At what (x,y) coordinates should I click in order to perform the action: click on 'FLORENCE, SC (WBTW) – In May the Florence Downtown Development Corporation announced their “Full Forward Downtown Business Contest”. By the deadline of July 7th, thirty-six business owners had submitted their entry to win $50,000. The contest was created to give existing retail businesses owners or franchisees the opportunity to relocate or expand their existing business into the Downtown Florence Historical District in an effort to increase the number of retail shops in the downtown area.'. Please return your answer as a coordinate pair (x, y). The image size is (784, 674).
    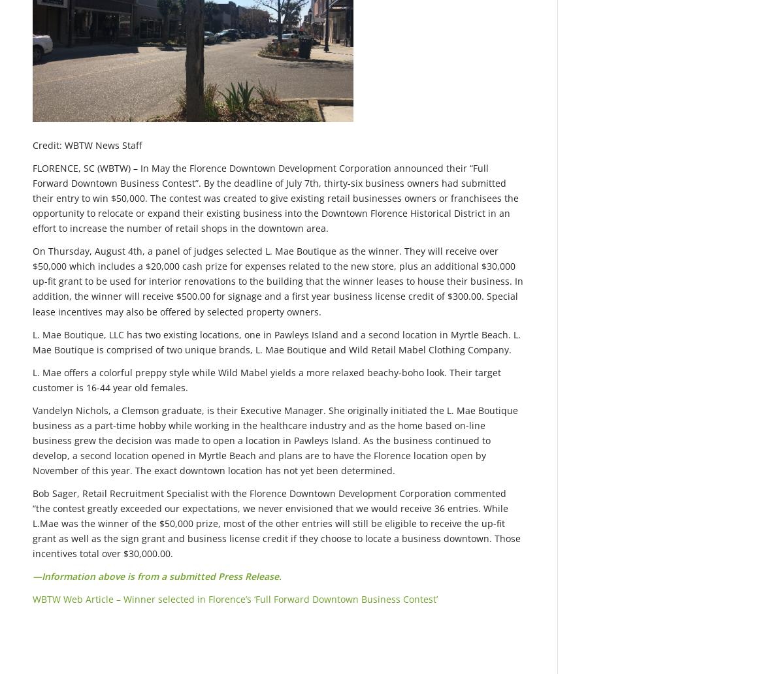
    Looking at the image, I should click on (33, 197).